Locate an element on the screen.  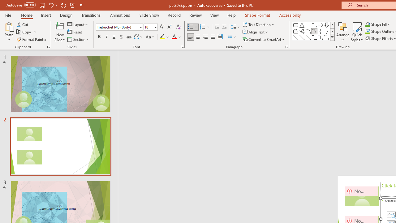
'Connector: Elbow Double-Arrow' is located at coordinates (326, 37).